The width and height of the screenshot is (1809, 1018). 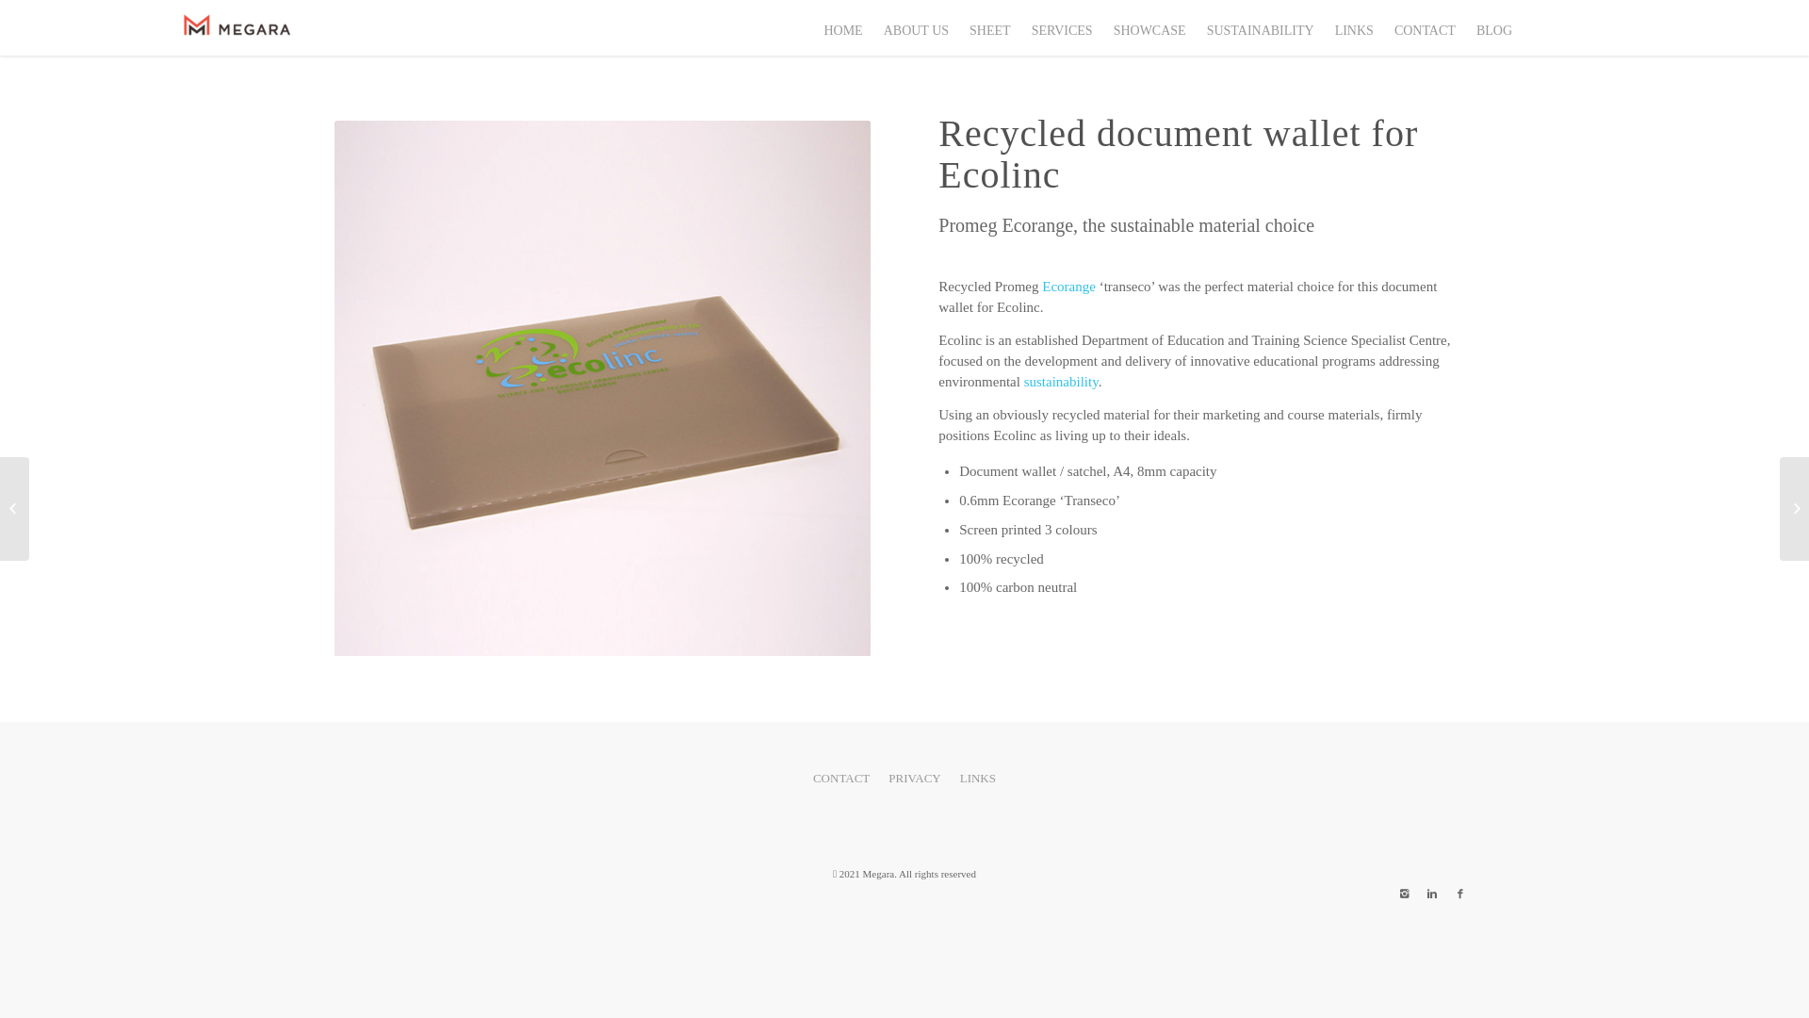 I want to click on 'PRIVACY', so click(x=877, y=779).